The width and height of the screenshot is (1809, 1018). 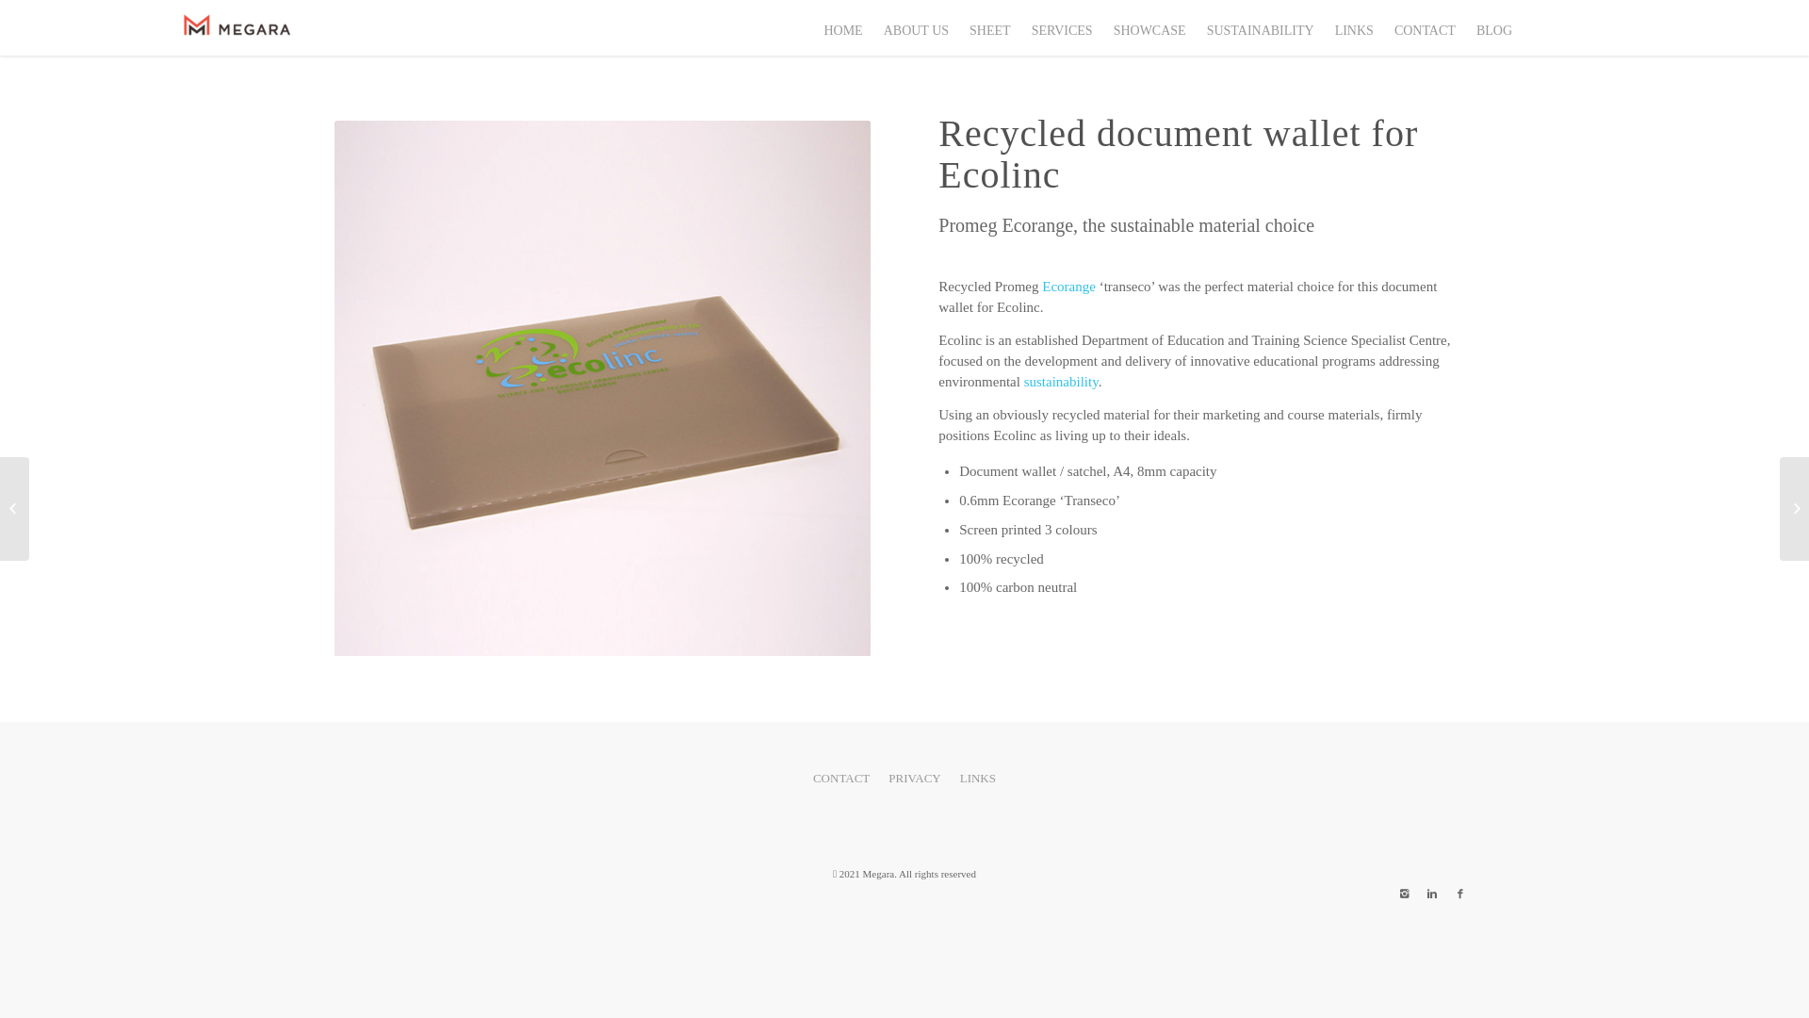 I want to click on 'PRIVACY', so click(x=877, y=779).